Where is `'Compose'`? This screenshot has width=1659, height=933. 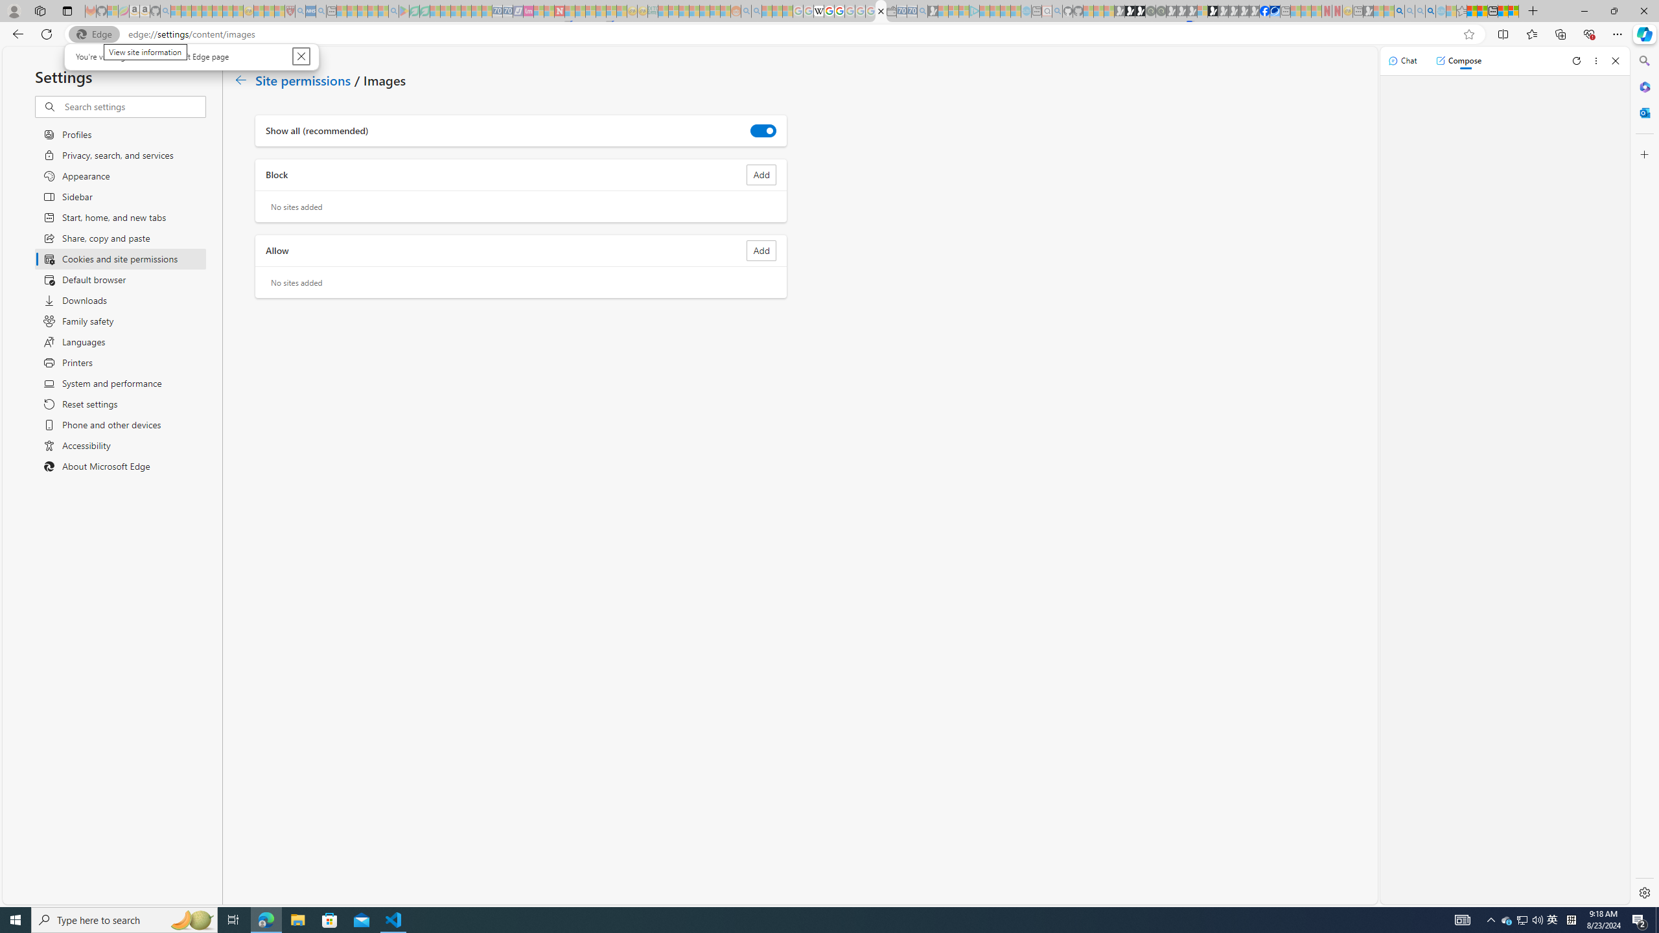
'Compose' is located at coordinates (1458, 60).